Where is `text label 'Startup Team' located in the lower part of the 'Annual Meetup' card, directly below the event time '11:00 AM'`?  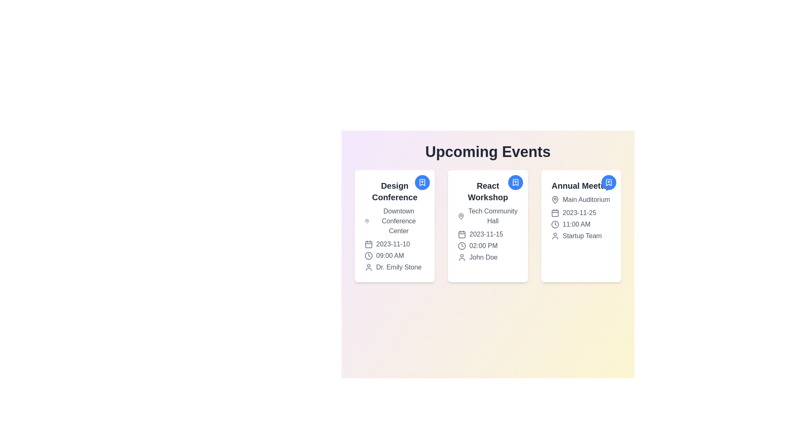
text label 'Startup Team' located in the lower part of the 'Annual Meetup' card, directly below the event time '11:00 AM' is located at coordinates (581, 236).